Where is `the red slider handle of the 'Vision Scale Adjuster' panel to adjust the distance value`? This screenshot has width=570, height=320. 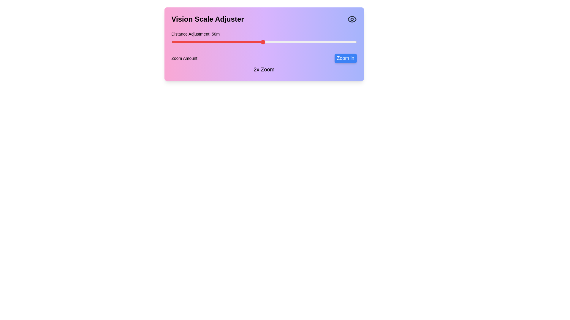
the red slider handle of the 'Vision Scale Adjuster' panel to adjust the distance value is located at coordinates (264, 44).